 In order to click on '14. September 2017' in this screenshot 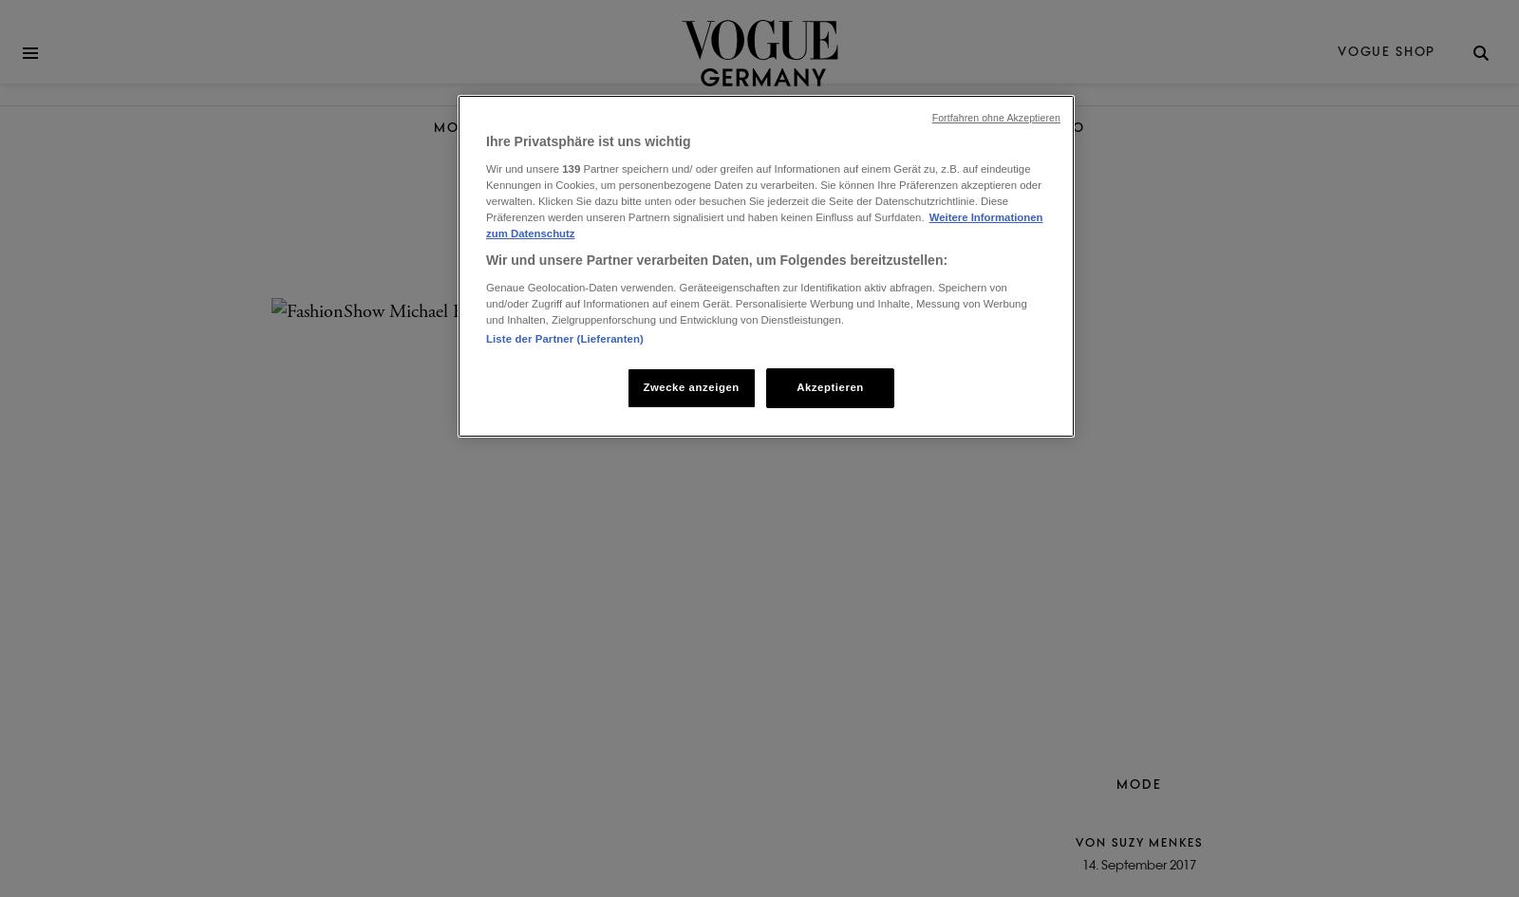, I will do `click(1138, 865)`.